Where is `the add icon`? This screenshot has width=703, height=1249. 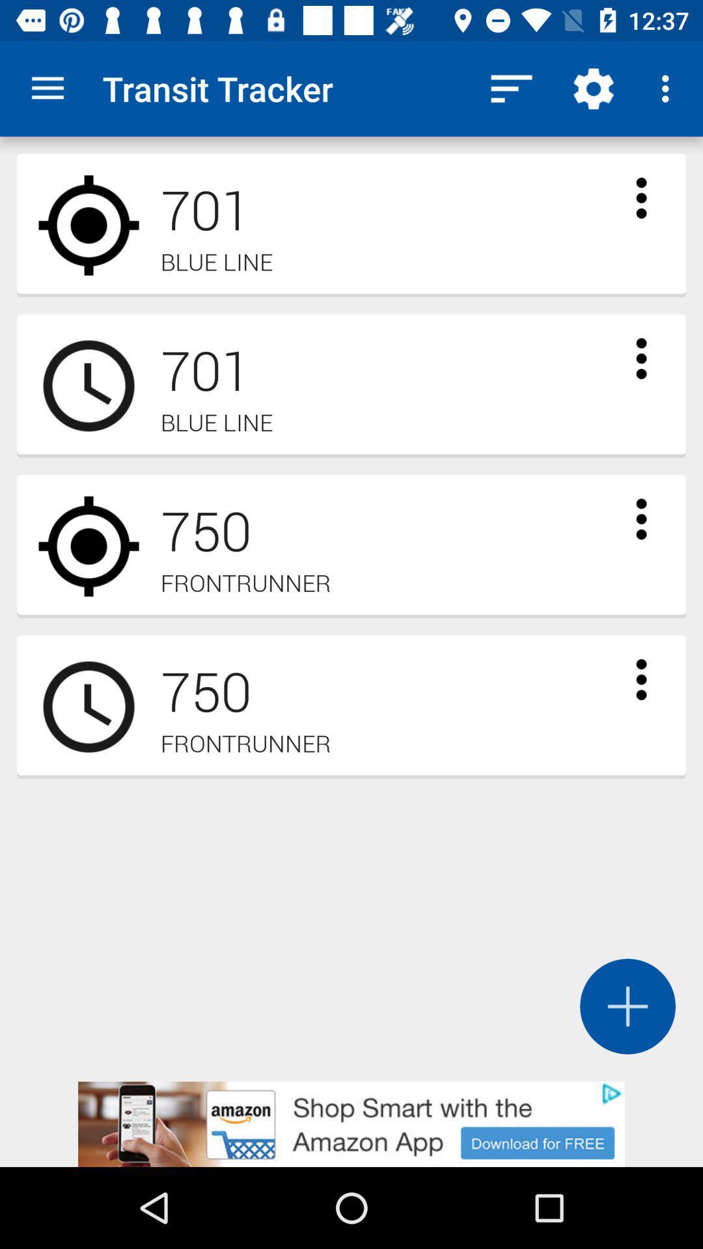
the add icon is located at coordinates (627, 1006).